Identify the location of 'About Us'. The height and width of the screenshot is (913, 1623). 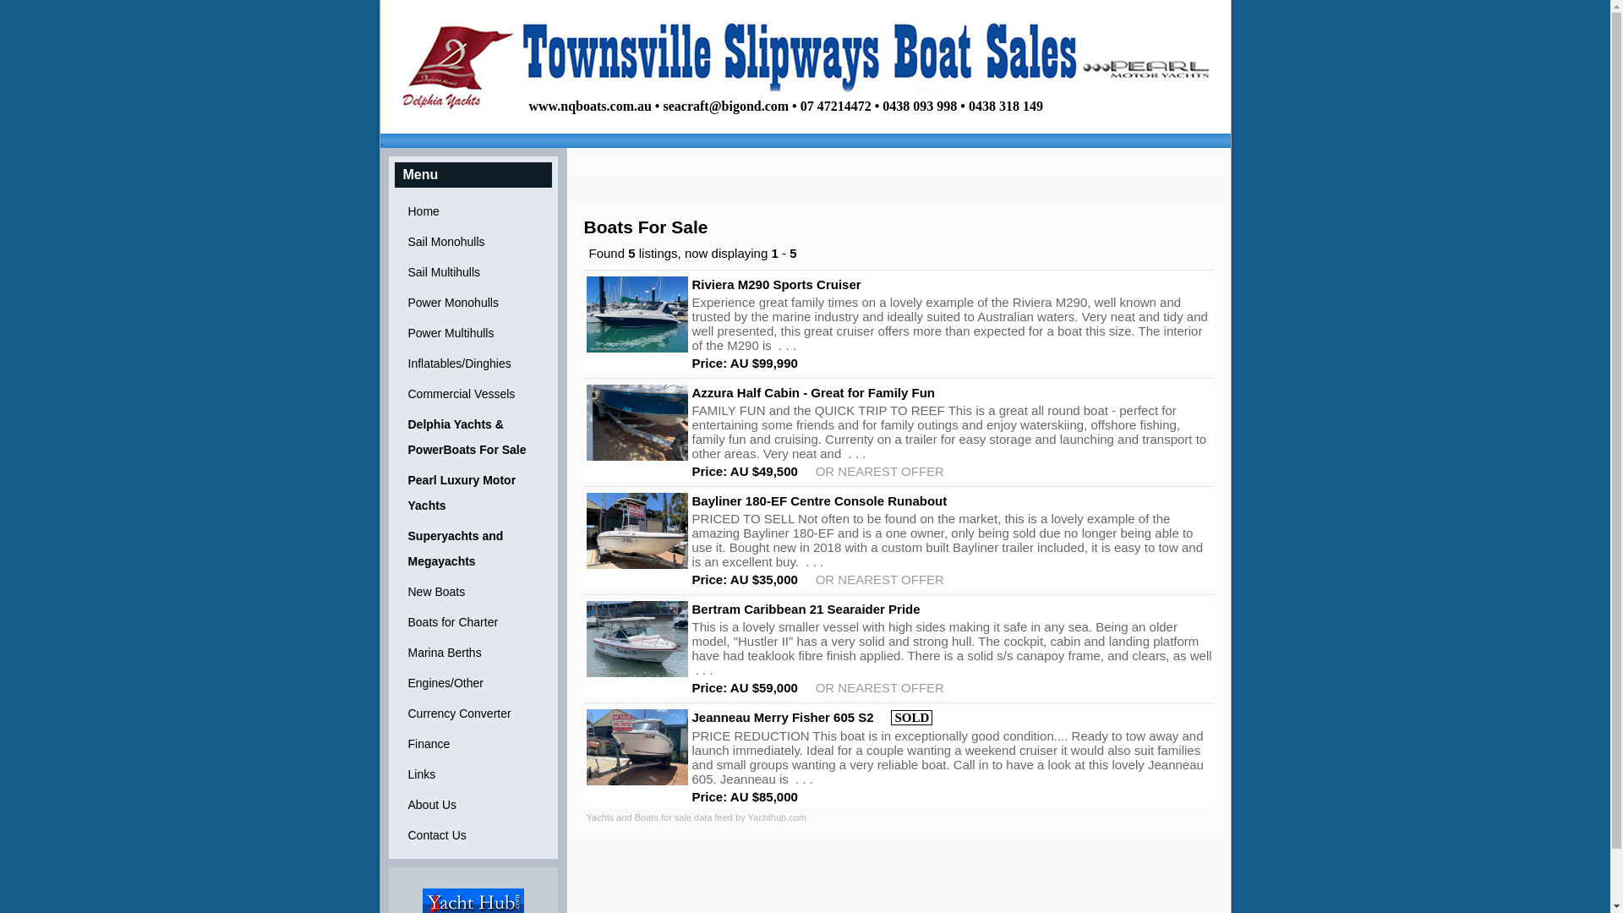
(473, 804).